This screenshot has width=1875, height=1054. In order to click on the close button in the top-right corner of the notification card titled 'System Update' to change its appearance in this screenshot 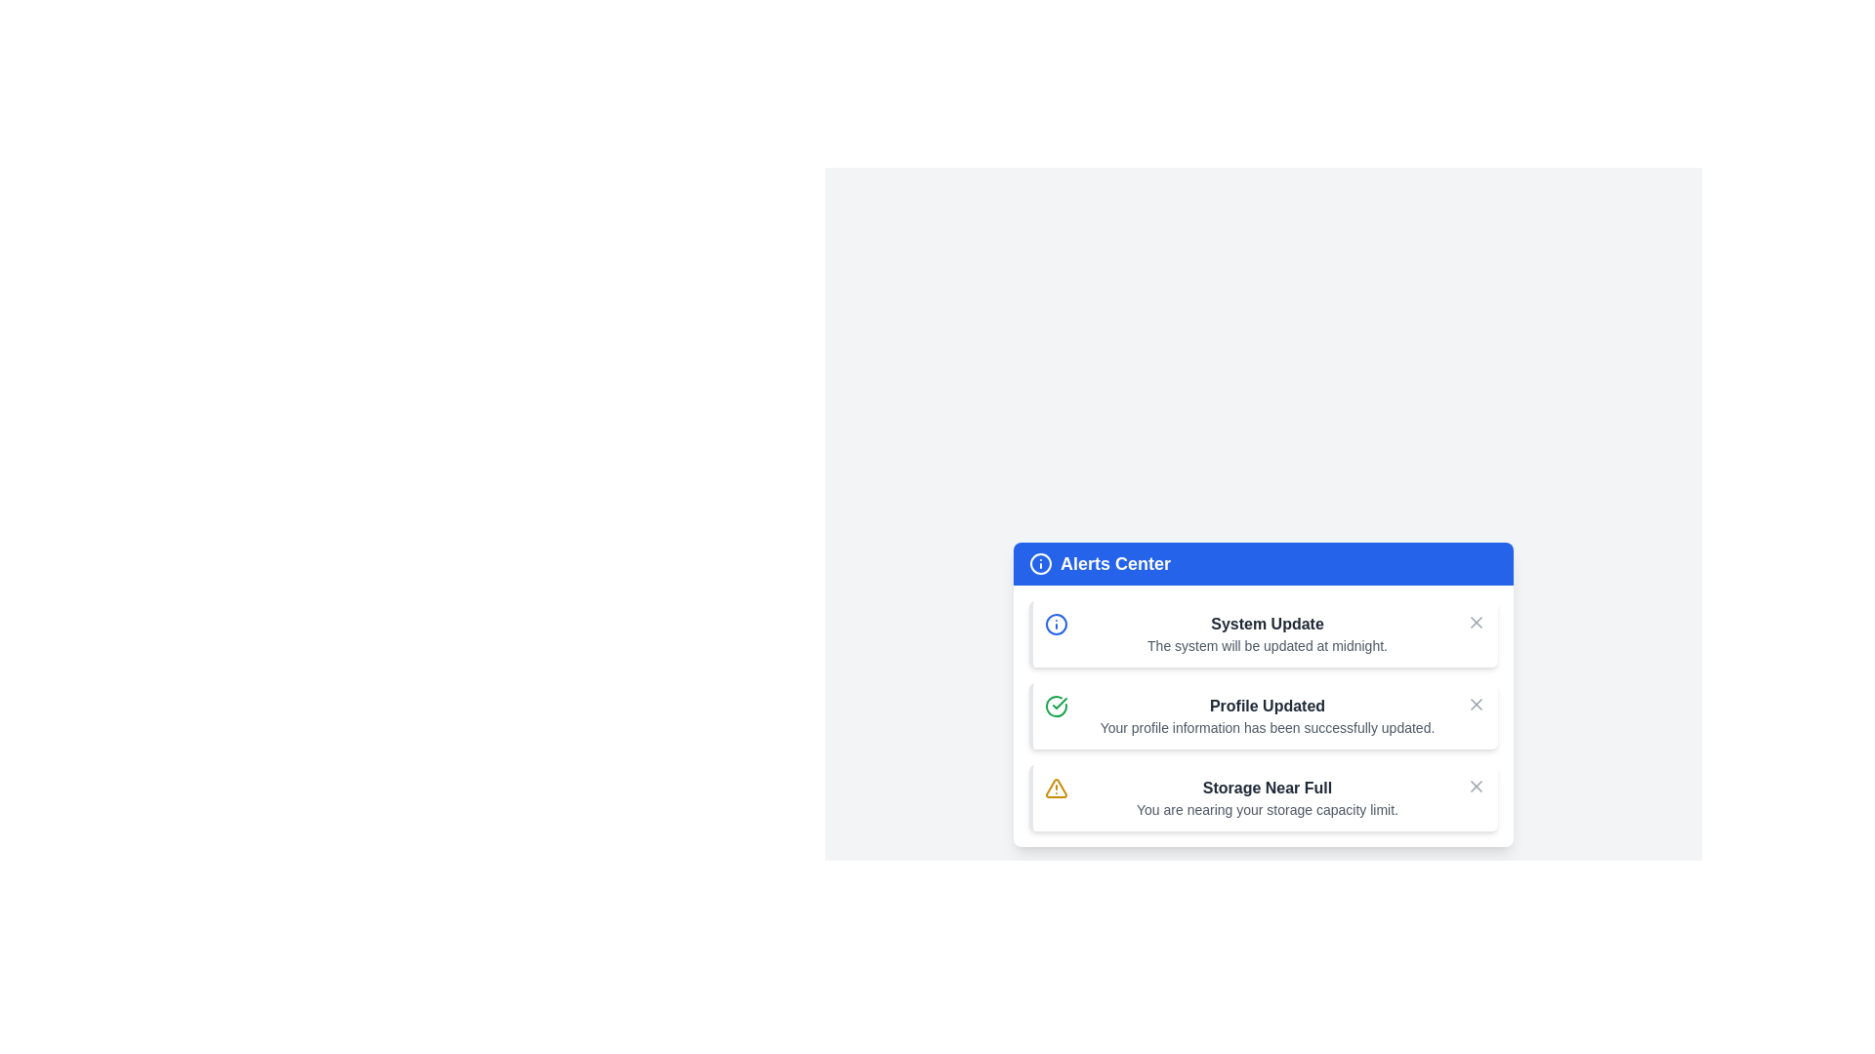, I will do `click(1477, 622)`.